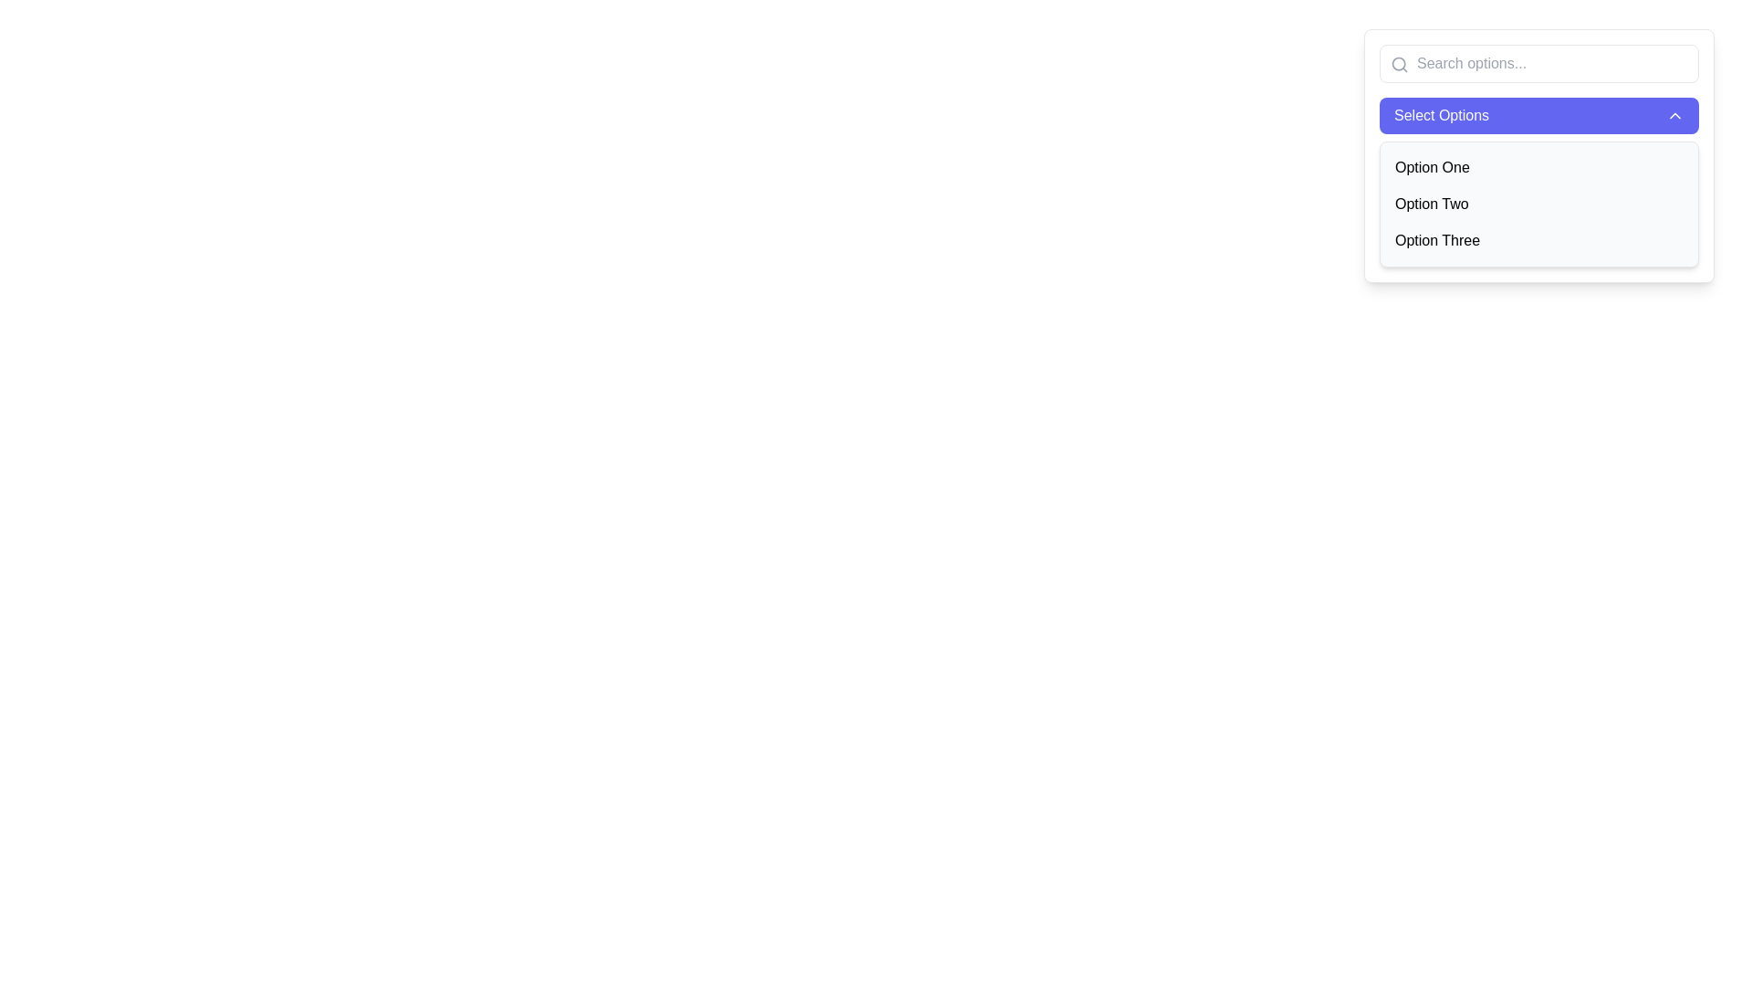 The width and height of the screenshot is (1752, 986). What do you see at coordinates (1431, 204) in the screenshot?
I see `the 'Option Two' text label in the dropdown menu` at bounding box center [1431, 204].